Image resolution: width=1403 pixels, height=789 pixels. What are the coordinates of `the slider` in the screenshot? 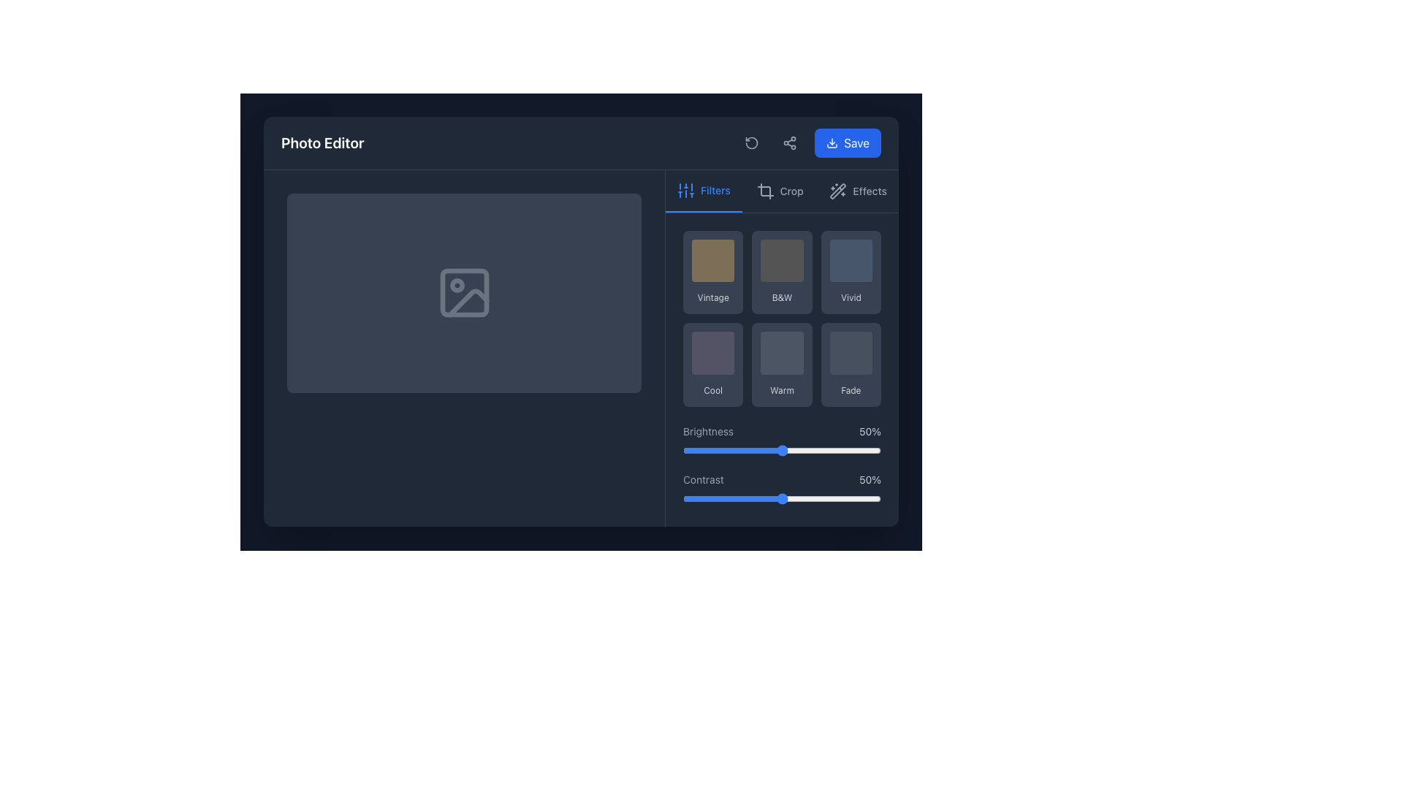 It's located at (694, 449).